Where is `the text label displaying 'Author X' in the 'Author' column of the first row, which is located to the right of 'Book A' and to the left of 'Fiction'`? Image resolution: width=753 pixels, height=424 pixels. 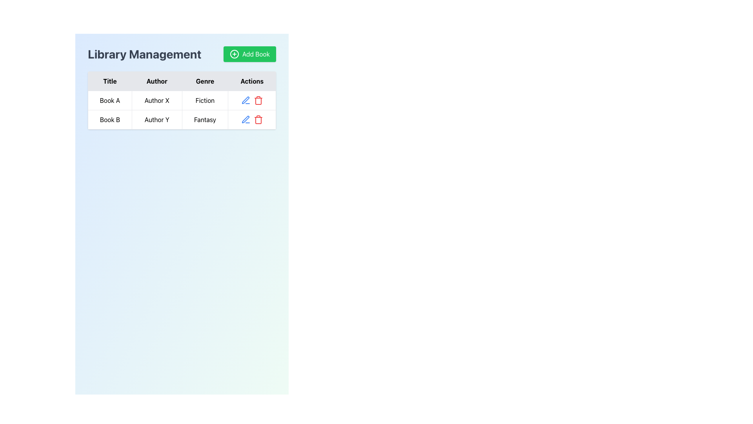 the text label displaying 'Author X' in the 'Author' column of the first row, which is located to the right of 'Book A' and to the left of 'Fiction' is located at coordinates (157, 100).